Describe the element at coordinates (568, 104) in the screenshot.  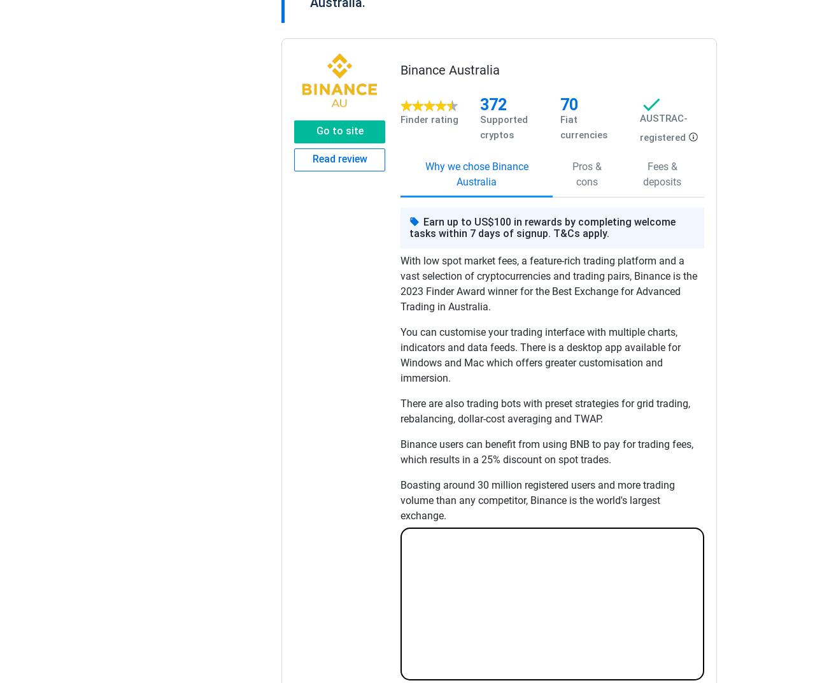
I see `'70'` at that location.